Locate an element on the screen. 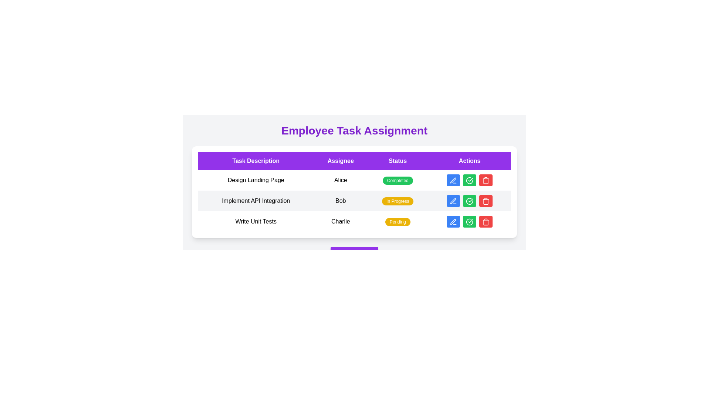 This screenshot has height=399, width=710. the green rectangular button with a circular arrow icon in the 'Actions' column of the second row for the task 'Implement API Integration' assigned to 'Bob' is located at coordinates (469, 201).